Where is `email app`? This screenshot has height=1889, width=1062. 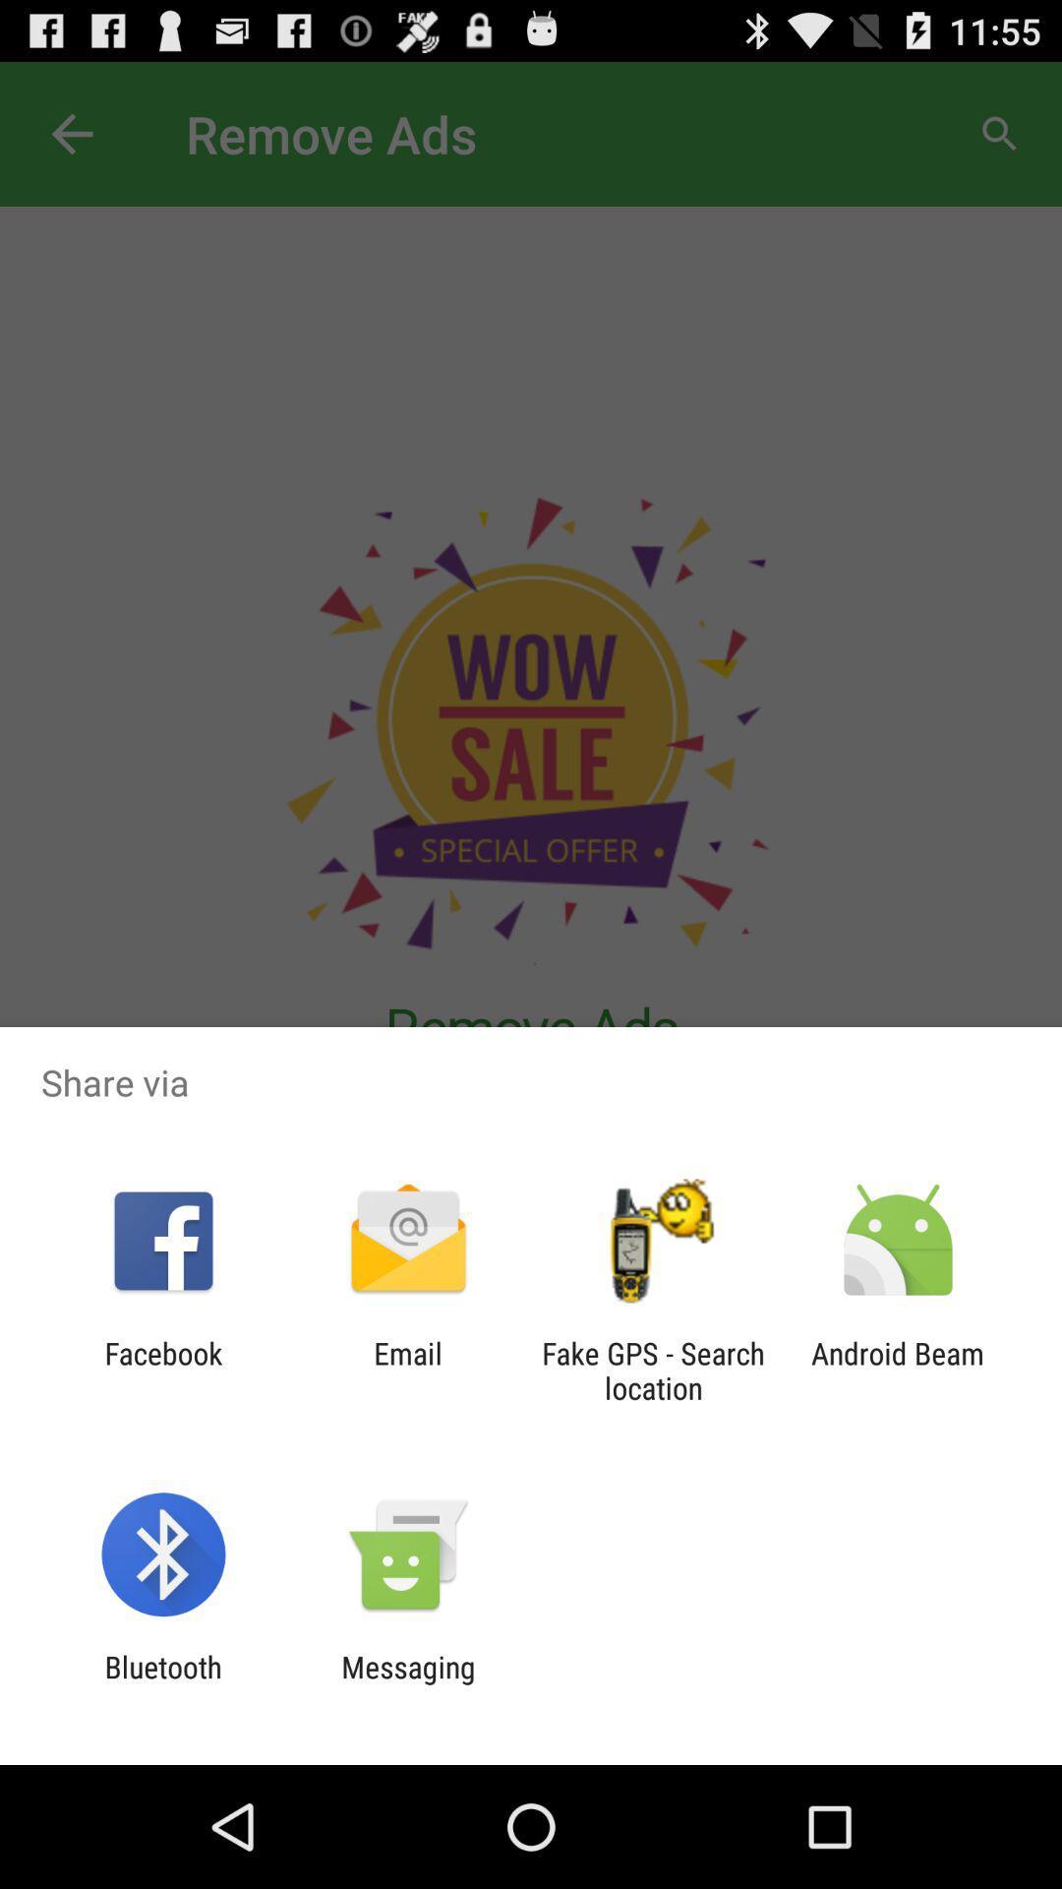
email app is located at coordinates (407, 1370).